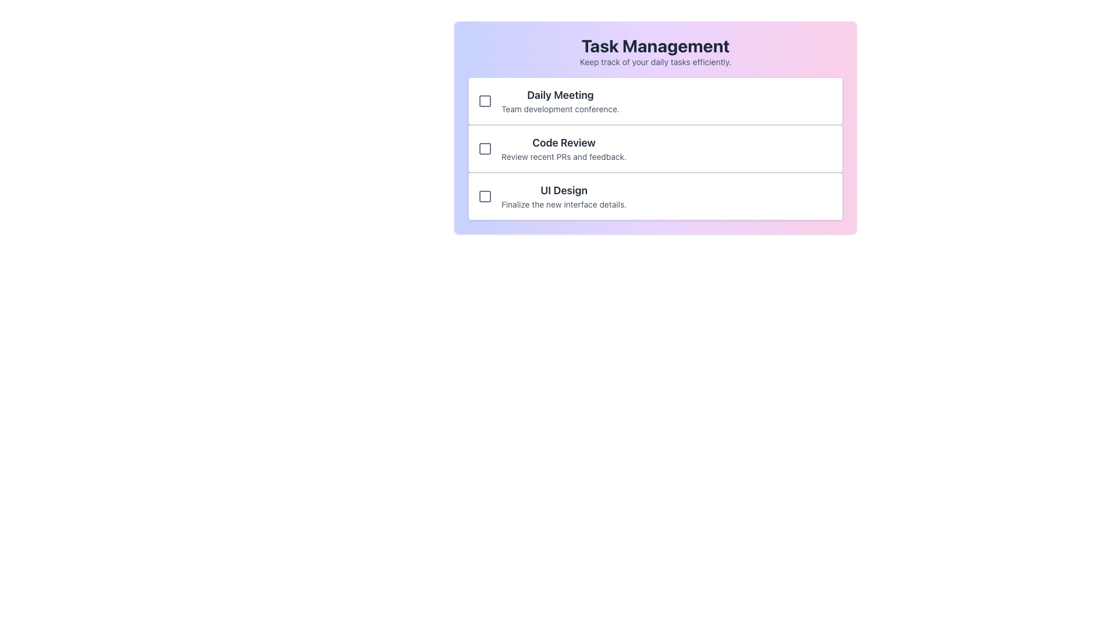  What do you see at coordinates (564, 142) in the screenshot?
I see `the bold 'Code Review' text label, which is prominently displayed in dark gray within the 'Task Management' section of the vertical list` at bounding box center [564, 142].